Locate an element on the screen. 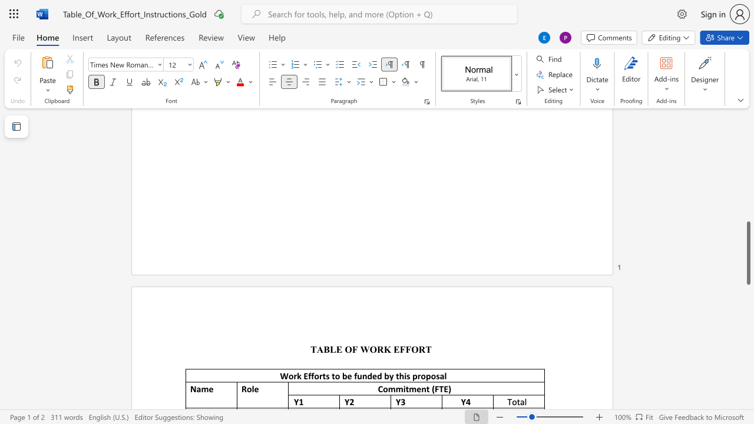  the scrollbar on the right is located at coordinates (748, 140).